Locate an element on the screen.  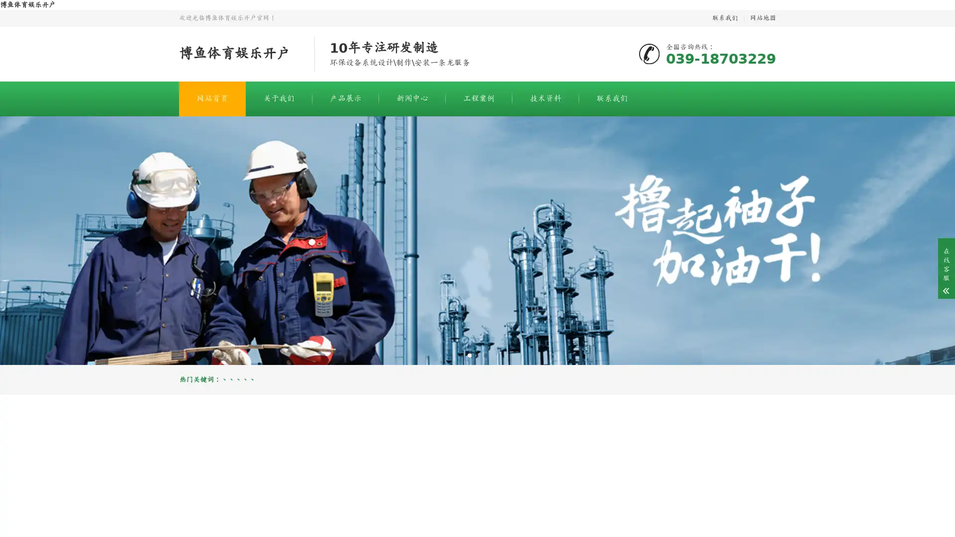
Go to slide 2 is located at coordinates (477, 355).